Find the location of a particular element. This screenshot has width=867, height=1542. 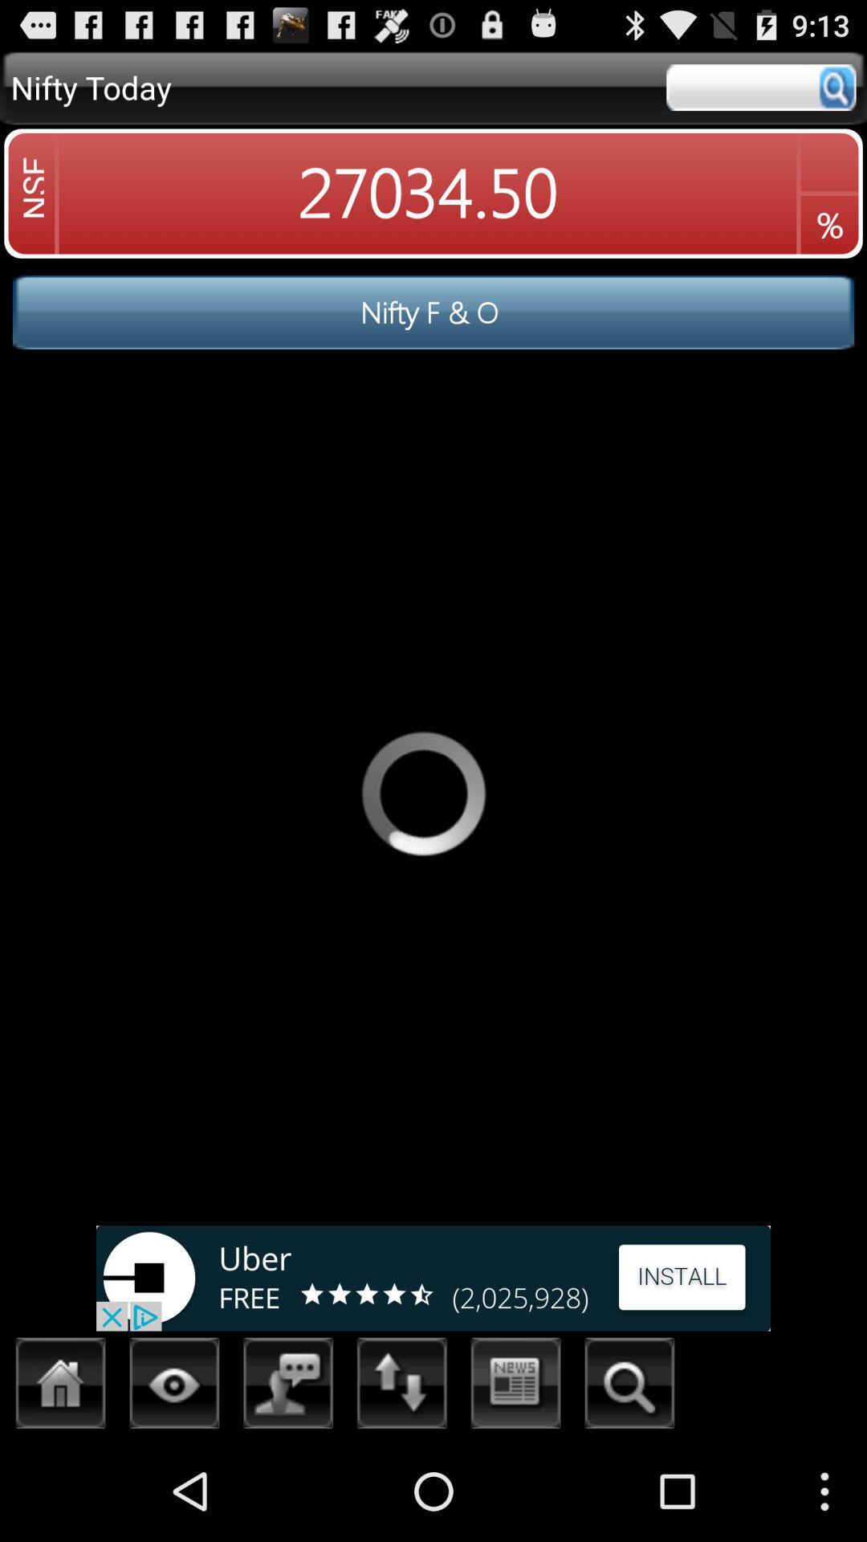

eye pega is located at coordinates (174, 1387).